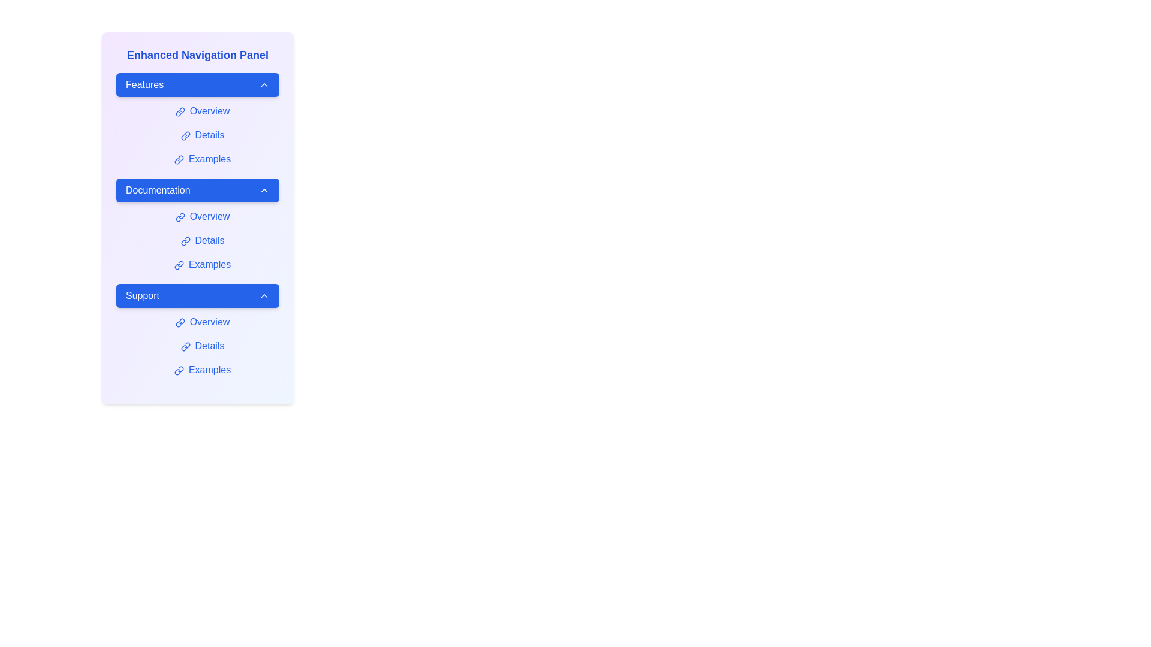 The width and height of the screenshot is (1151, 647). I want to click on the blue chain link icon located to the left of the 'Details' text in the 'Features' section of the navigation panel, so click(185, 135).